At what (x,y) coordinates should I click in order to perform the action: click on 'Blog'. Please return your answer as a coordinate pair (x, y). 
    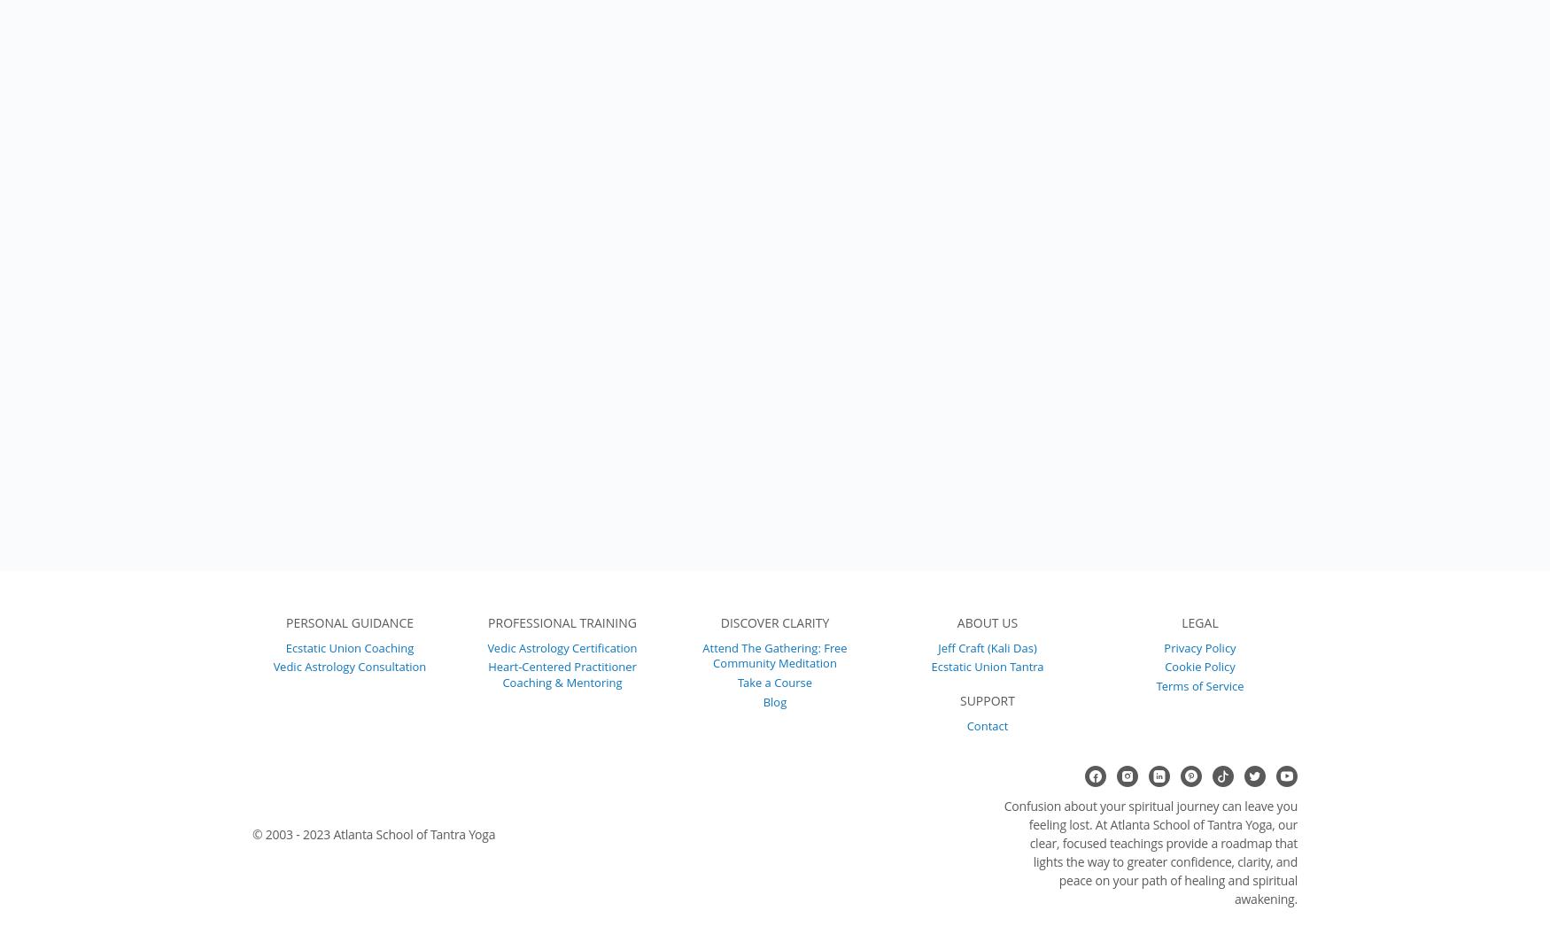
    Looking at the image, I should click on (774, 699).